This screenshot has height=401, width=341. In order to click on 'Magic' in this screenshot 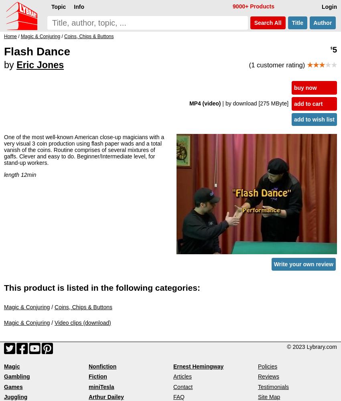, I will do `click(11, 367)`.